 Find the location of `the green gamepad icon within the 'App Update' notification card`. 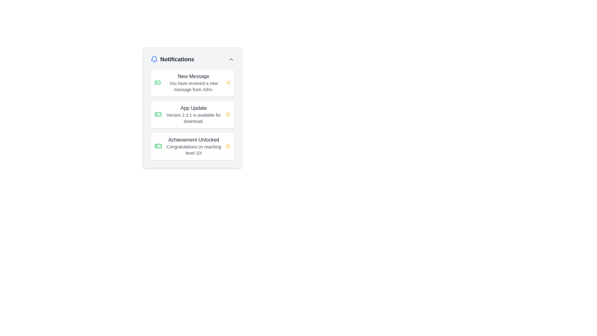

the green gamepad icon within the 'App Update' notification card is located at coordinates (158, 114).